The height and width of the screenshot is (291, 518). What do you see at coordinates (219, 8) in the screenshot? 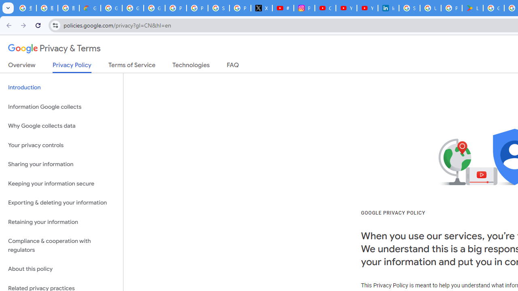
I see `'Sign in - Google Accounts'` at bounding box center [219, 8].